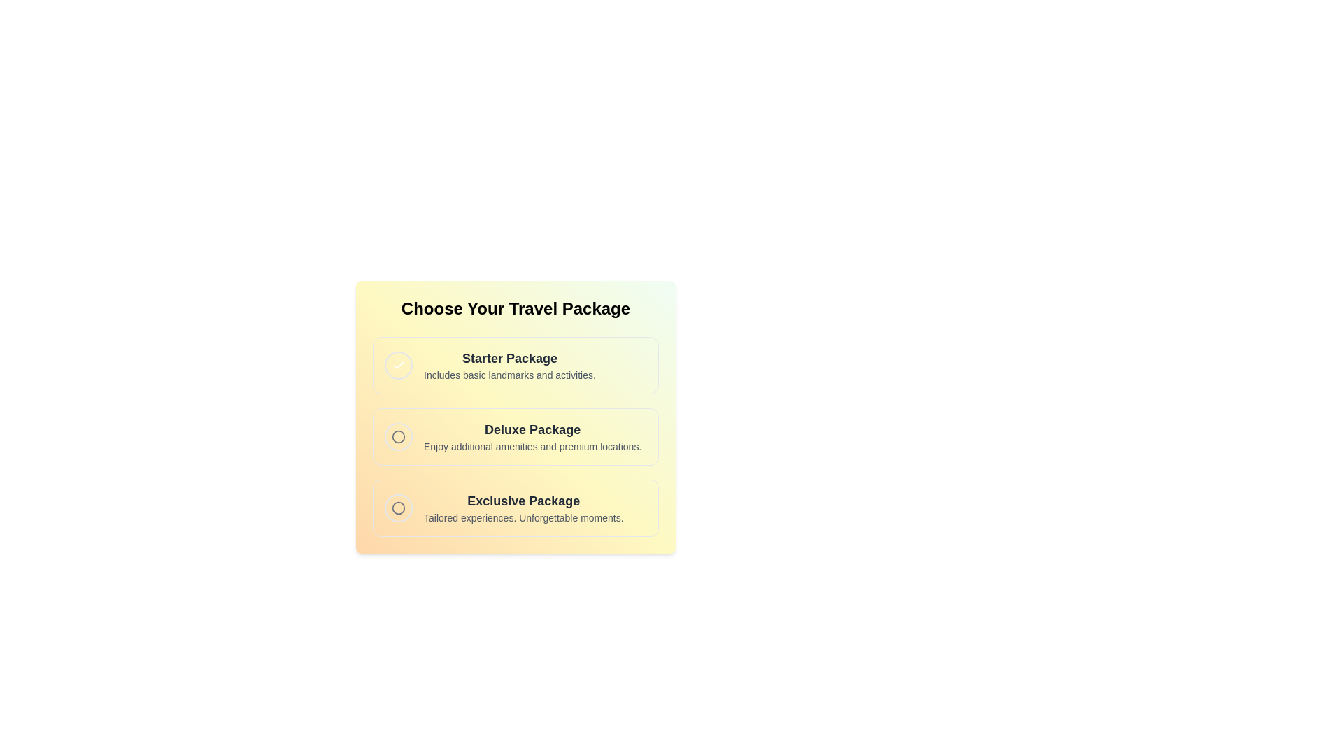  Describe the element at coordinates (509, 358) in the screenshot. I see `text content of the text label displaying 'Starter Package', which is styled in bold dark gray on a light yellowish background and is positioned above the description text` at that location.